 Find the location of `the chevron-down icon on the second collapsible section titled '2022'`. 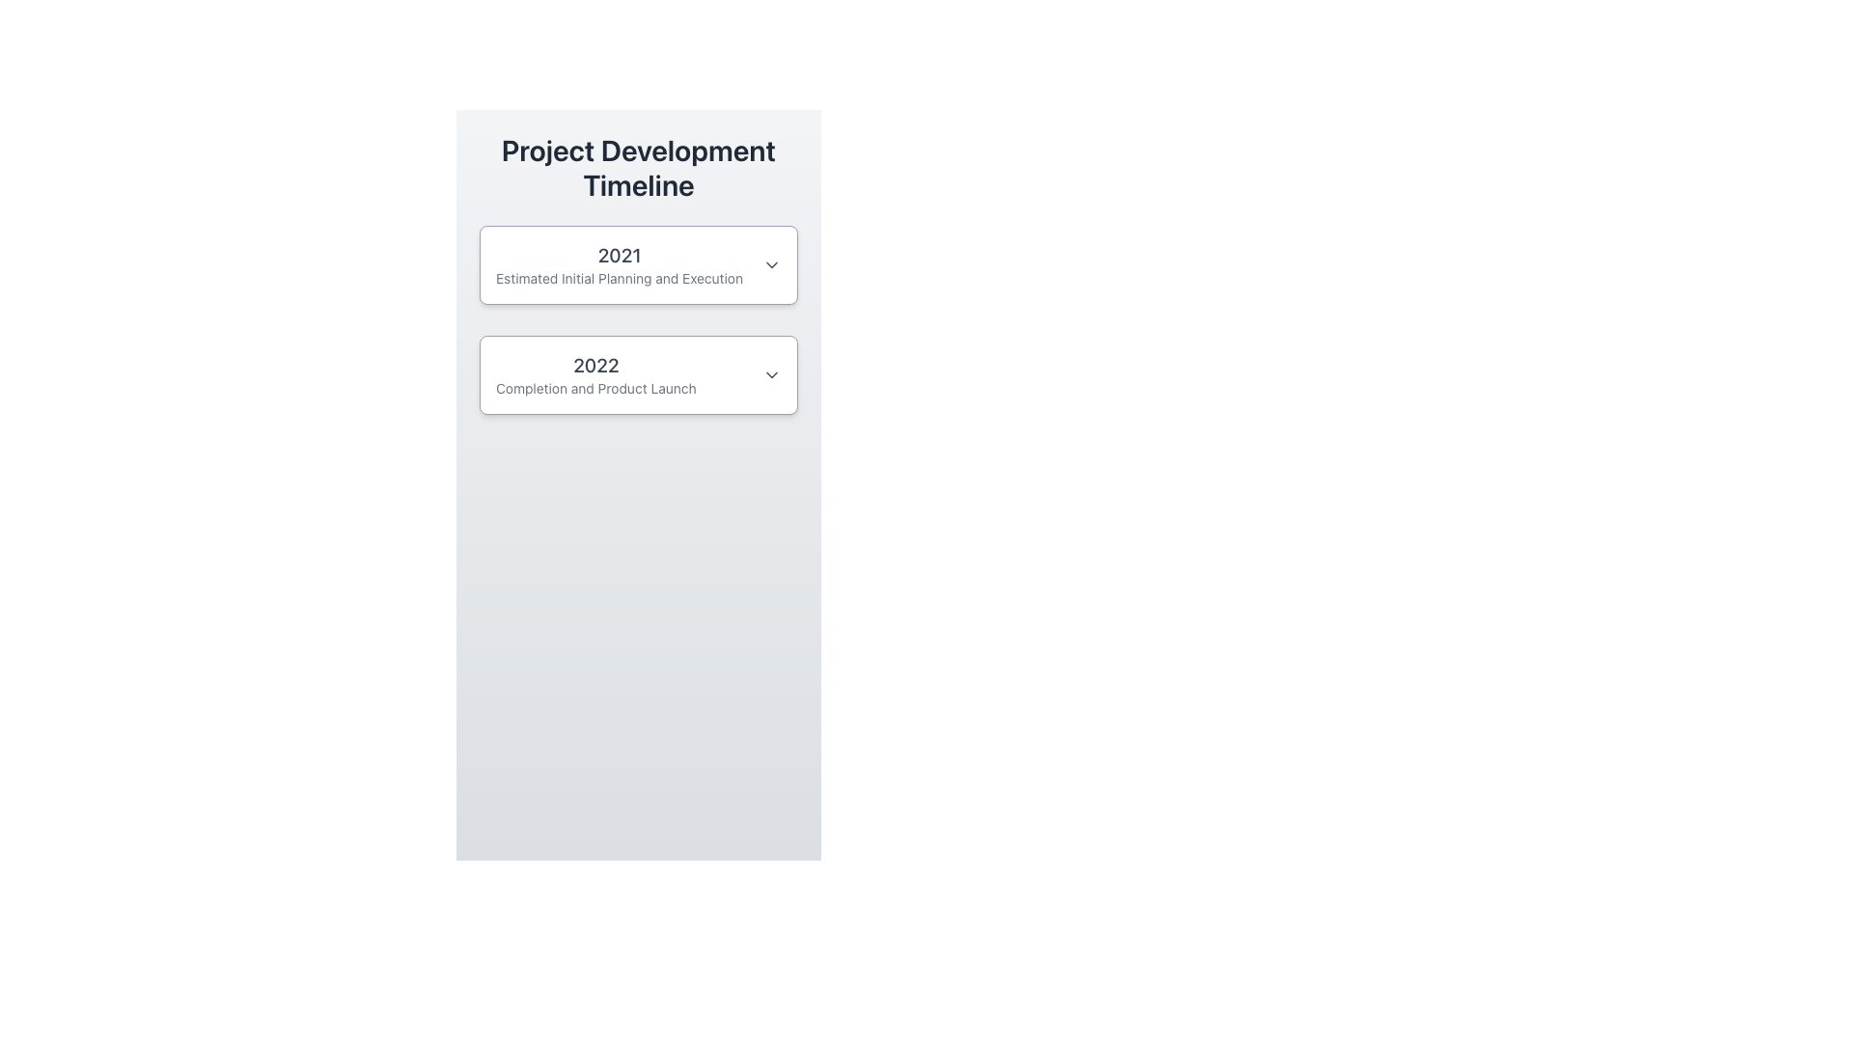

the chevron-down icon on the second collapsible section titled '2022' is located at coordinates (639, 375).